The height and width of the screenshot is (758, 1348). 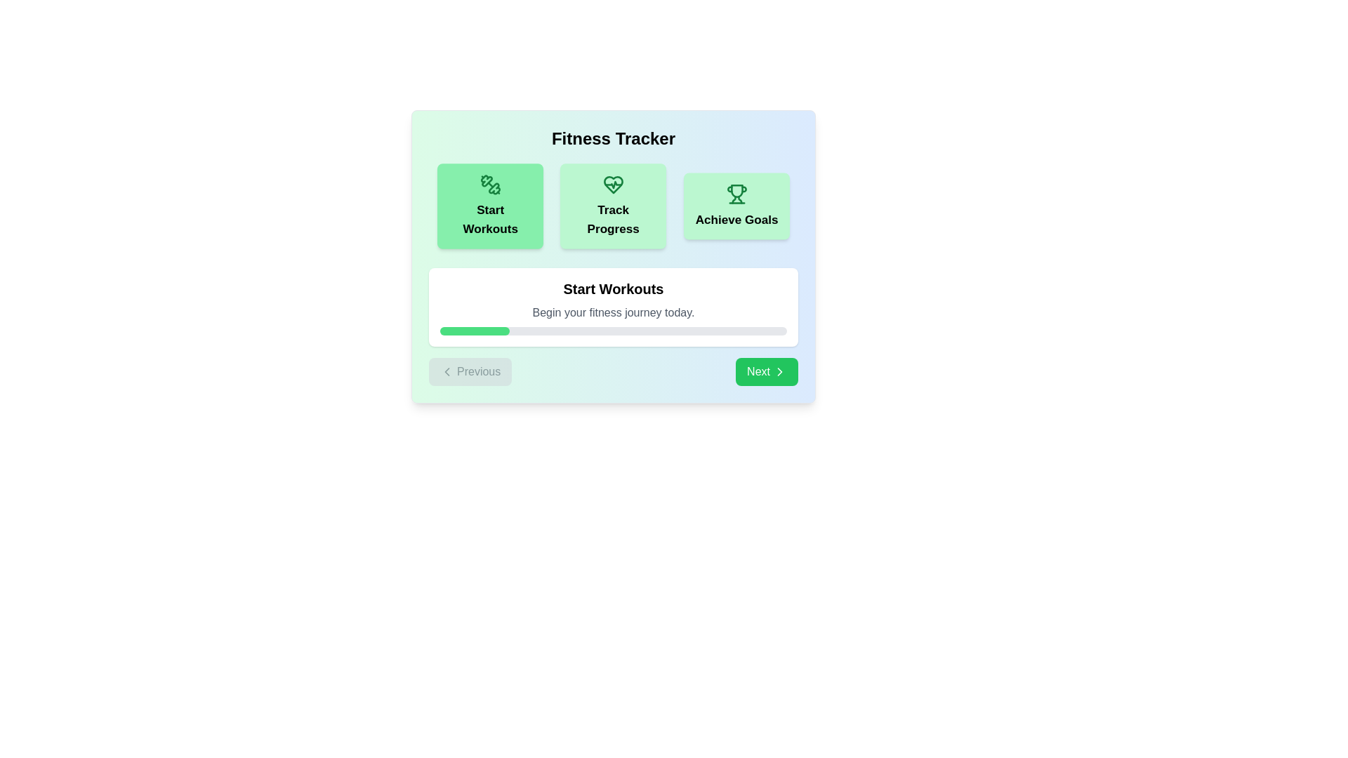 I want to click on the right-pointing chevron icon located within the green rounded 'Next' button at the bottom-right corner of the interface, so click(x=779, y=371).